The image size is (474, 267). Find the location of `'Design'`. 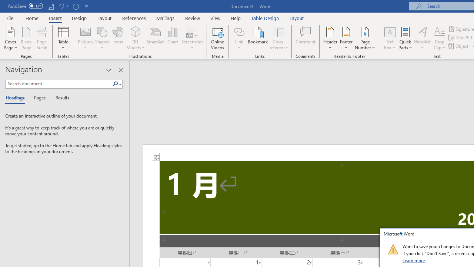

'Design' is located at coordinates (79, 18).